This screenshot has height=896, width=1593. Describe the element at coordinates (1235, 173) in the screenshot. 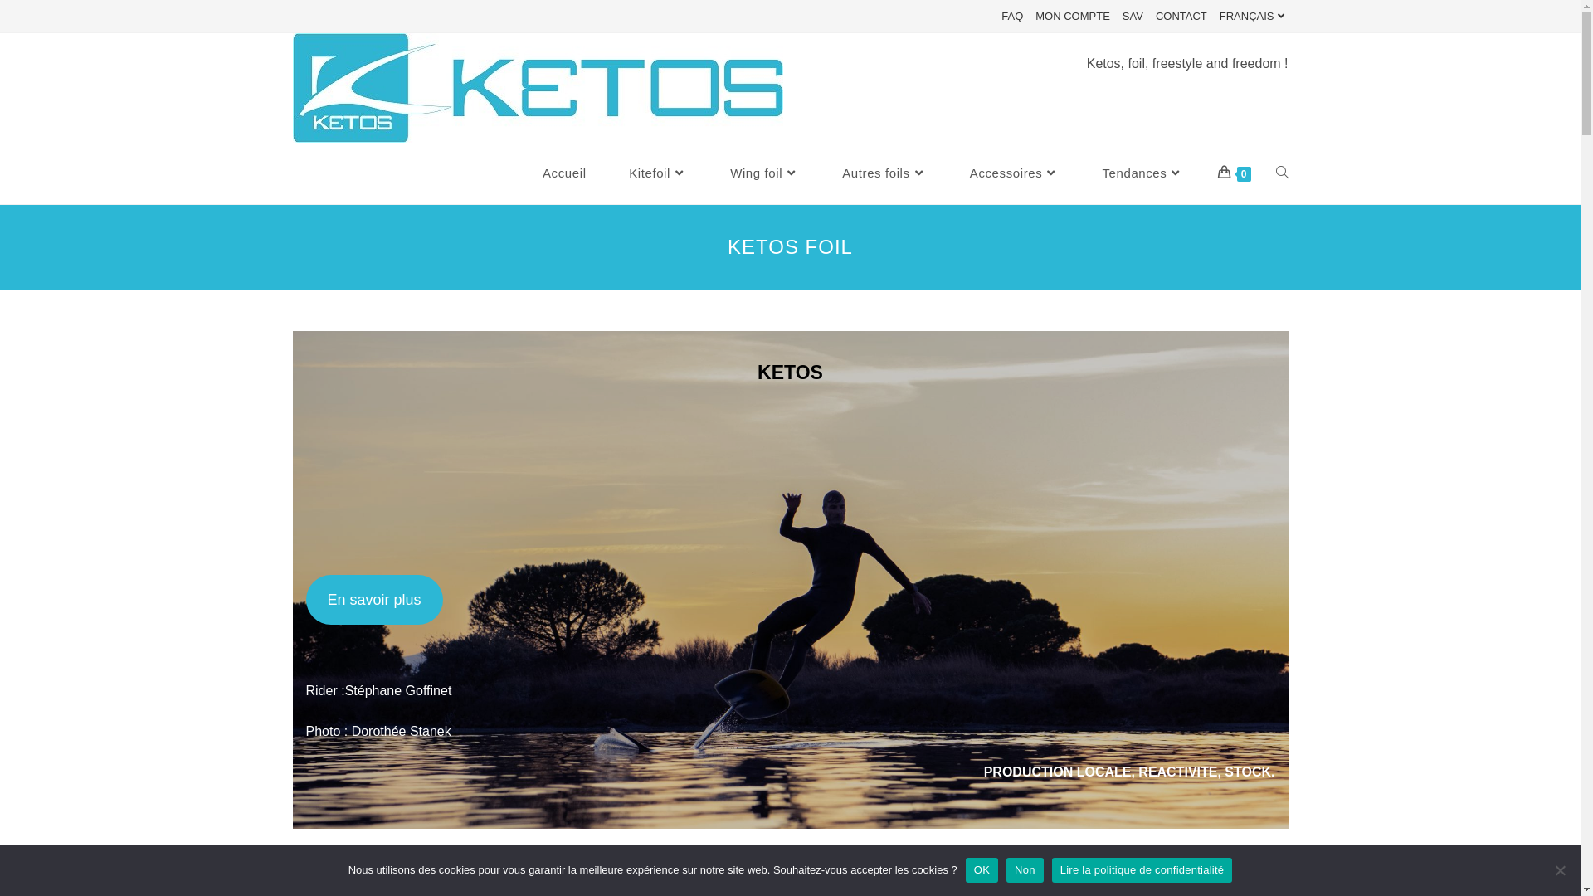

I see `'0'` at that location.